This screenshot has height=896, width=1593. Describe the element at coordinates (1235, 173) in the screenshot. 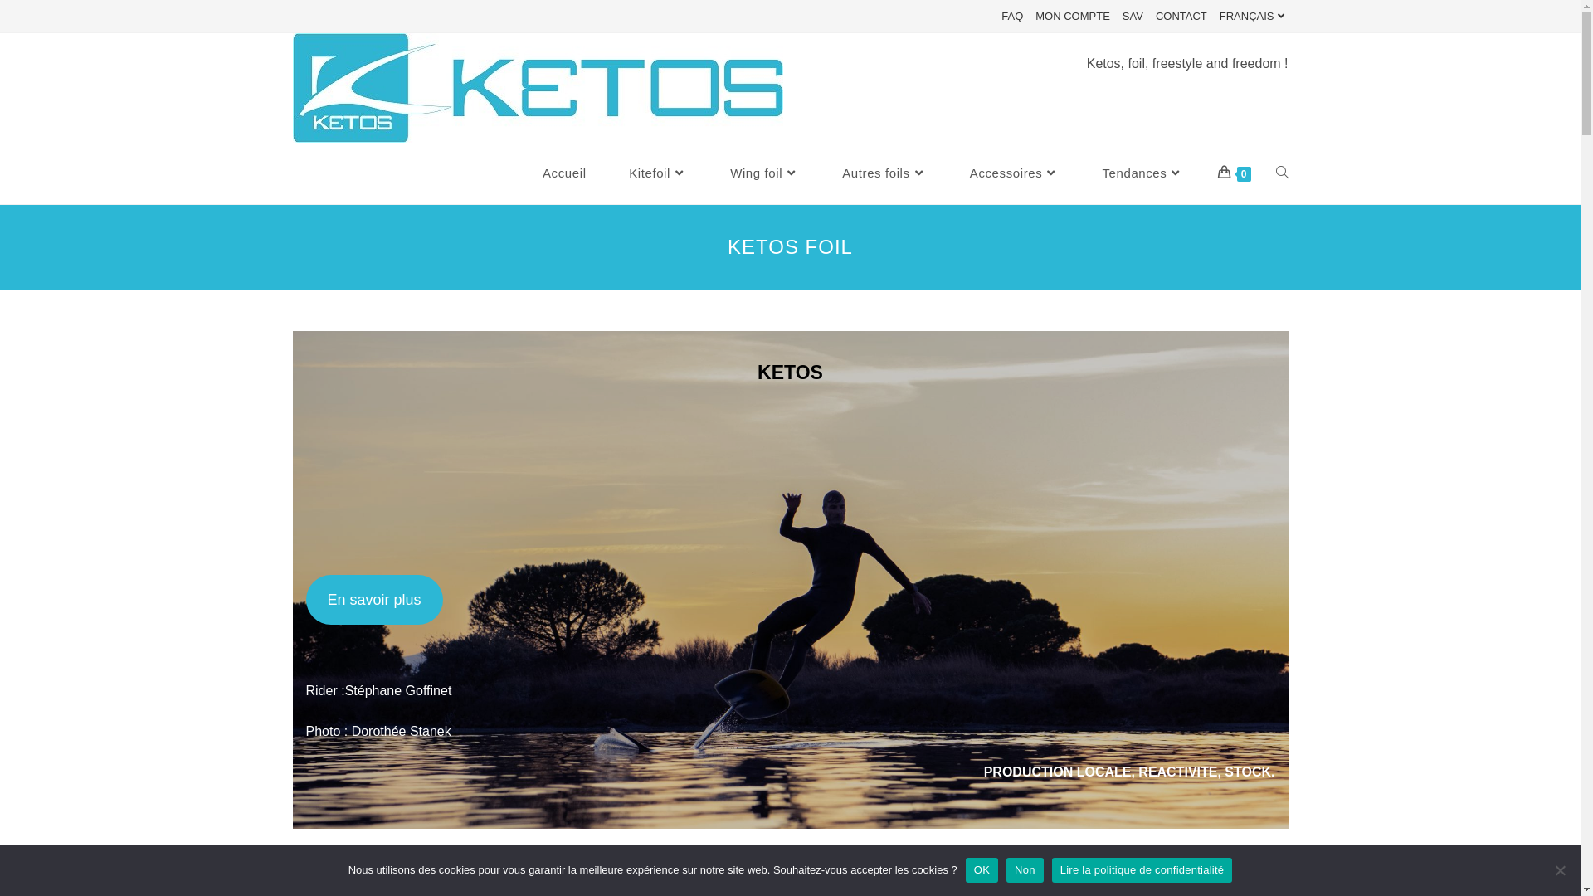

I see `'0'` at that location.